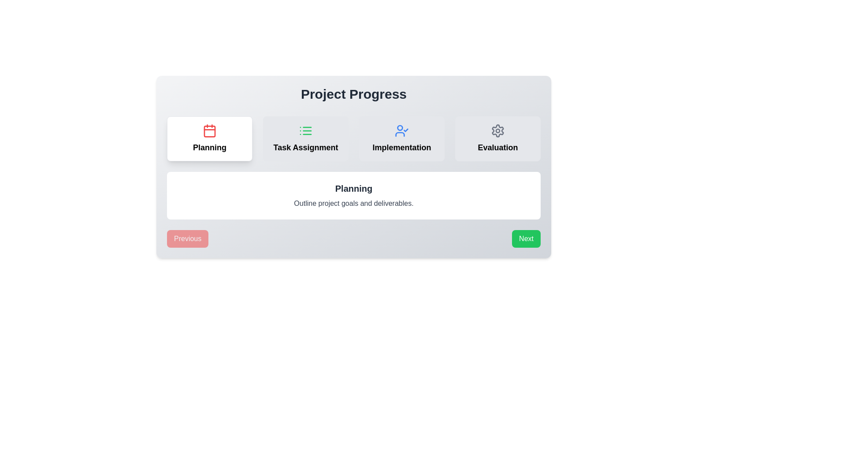  Describe the element at coordinates (497, 131) in the screenshot. I see `the settings or evaluation icon located at the end of the row under the 'Evaluation' label` at that location.